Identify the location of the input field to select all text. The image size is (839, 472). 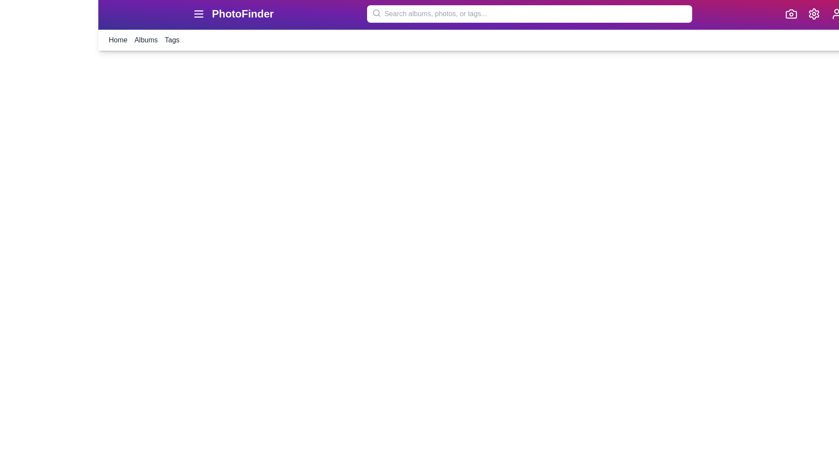
(529, 14).